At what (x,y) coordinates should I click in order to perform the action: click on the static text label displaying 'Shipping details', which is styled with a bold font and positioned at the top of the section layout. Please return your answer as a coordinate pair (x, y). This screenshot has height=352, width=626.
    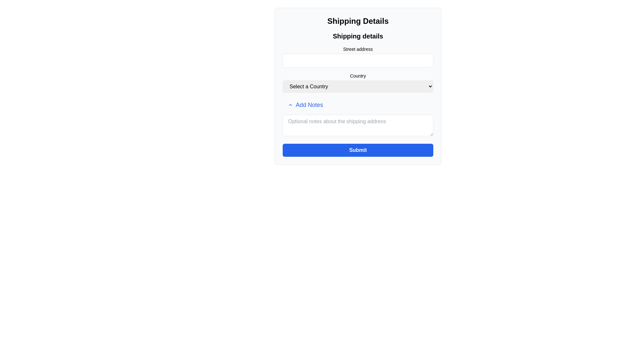
    Looking at the image, I should click on (358, 36).